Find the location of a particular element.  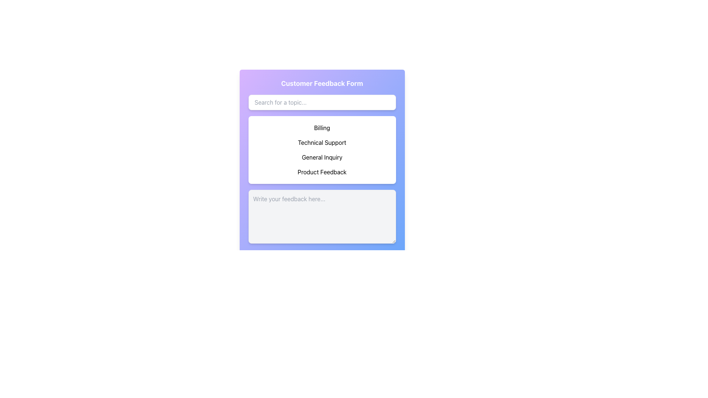

the 'Technical Support' button, which is the second option in a vertical list of four buttons is located at coordinates (322, 142).